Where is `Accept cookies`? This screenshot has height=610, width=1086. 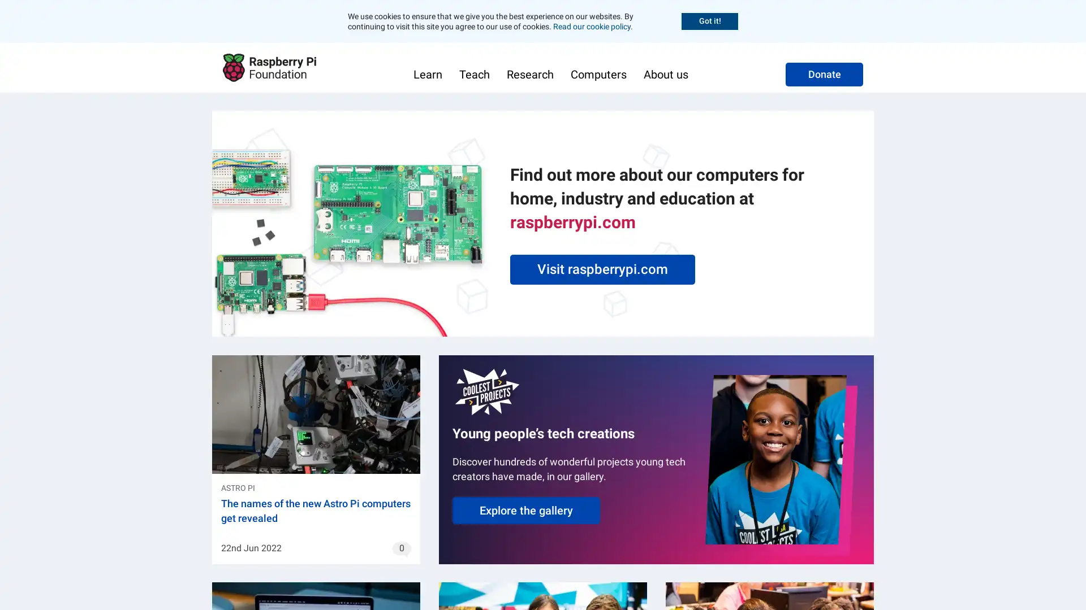 Accept cookies is located at coordinates (709, 21).